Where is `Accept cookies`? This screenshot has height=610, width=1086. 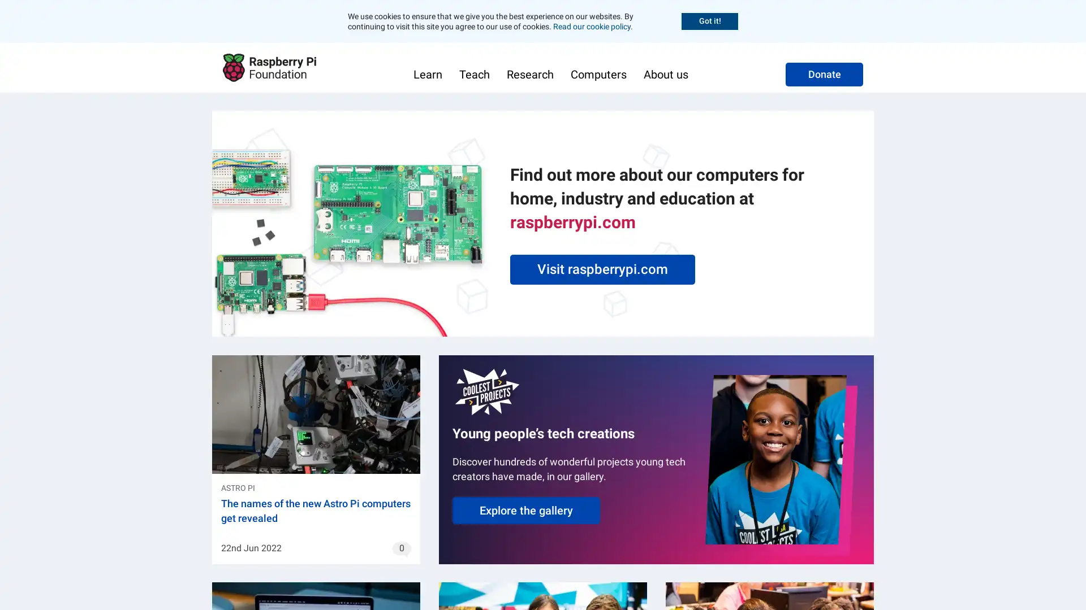 Accept cookies is located at coordinates (709, 21).